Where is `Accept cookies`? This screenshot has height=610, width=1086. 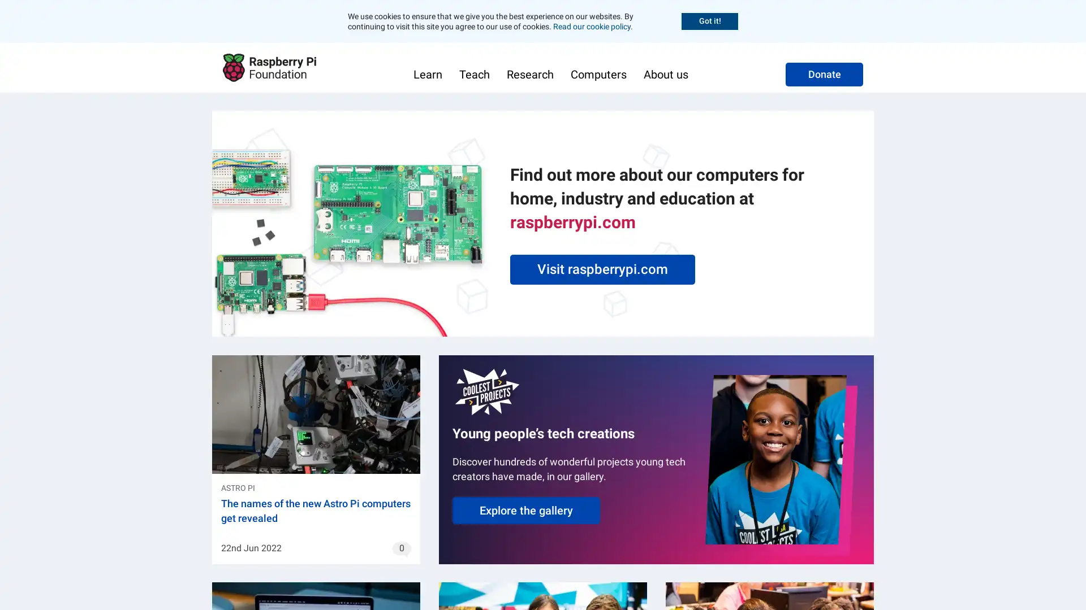 Accept cookies is located at coordinates (709, 21).